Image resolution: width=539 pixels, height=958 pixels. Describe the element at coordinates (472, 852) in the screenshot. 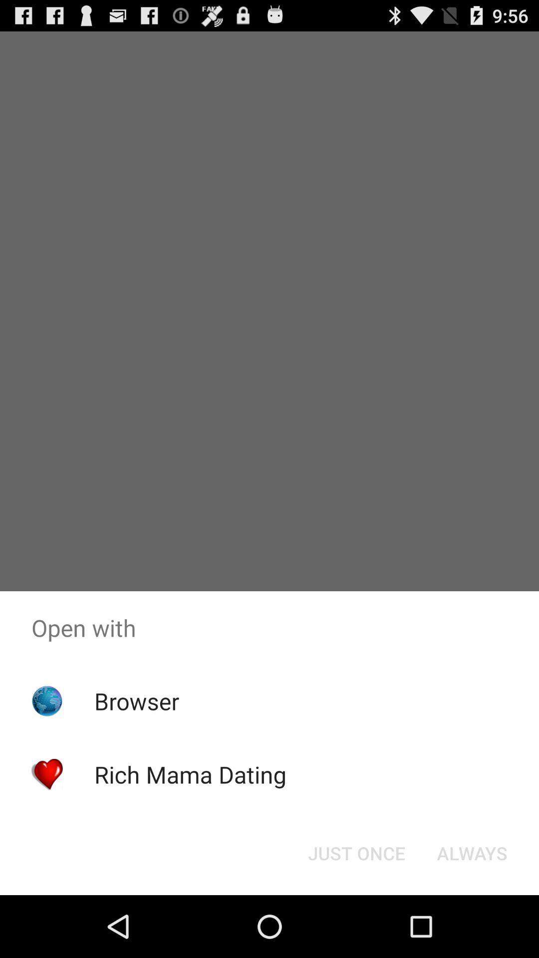

I see `the always button` at that location.